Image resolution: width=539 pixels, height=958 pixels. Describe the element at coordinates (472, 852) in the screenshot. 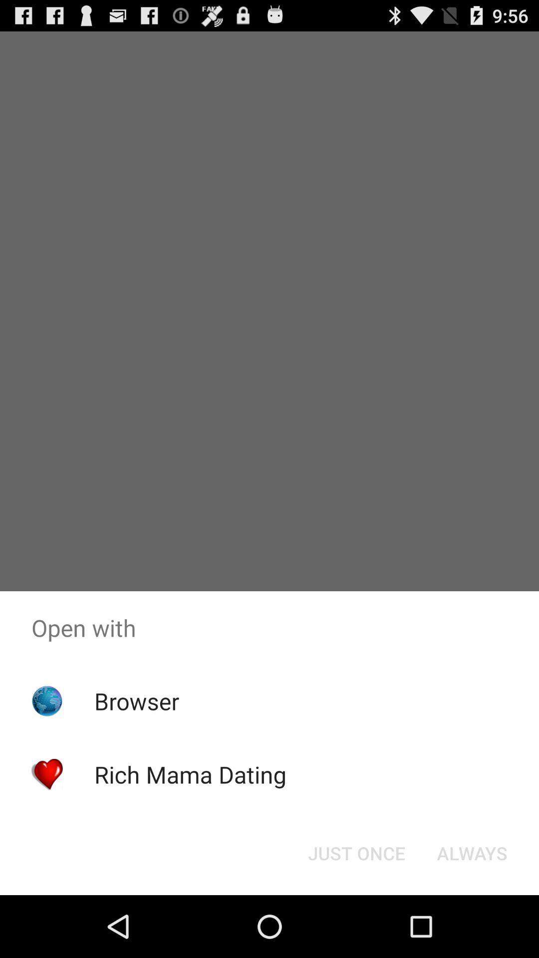

I see `the always button` at that location.